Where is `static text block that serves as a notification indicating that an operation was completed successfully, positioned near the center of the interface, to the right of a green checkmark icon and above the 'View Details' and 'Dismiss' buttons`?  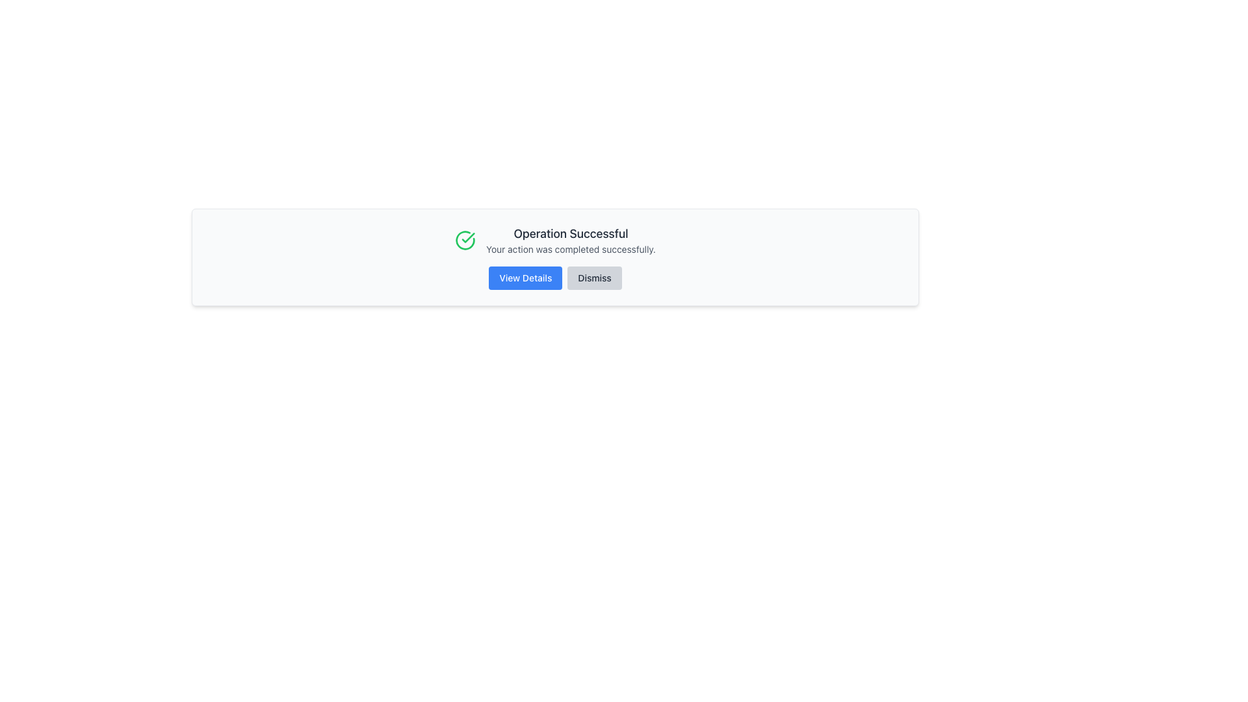 static text block that serves as a notification indicating that an operation was completed successfully, positioned near the center of the interface, to the right of a green checkmark icon and above the 'View Details' and 'Dismiss' buttons is located at coordinates (571, 240).